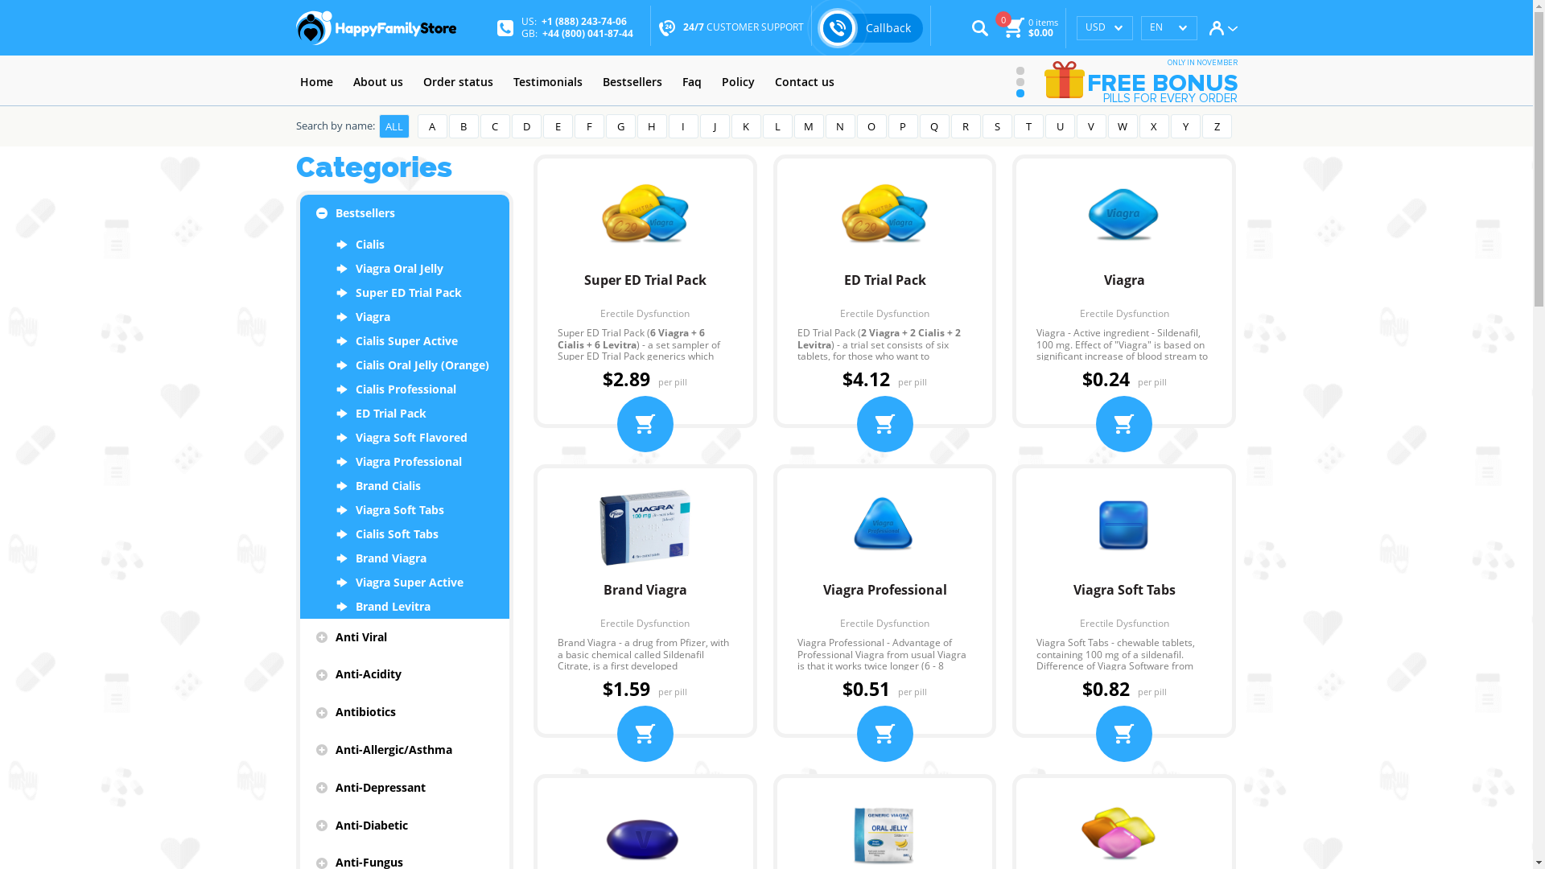  I want to click on 'Erectile Dysfunction', so click(645, 313).